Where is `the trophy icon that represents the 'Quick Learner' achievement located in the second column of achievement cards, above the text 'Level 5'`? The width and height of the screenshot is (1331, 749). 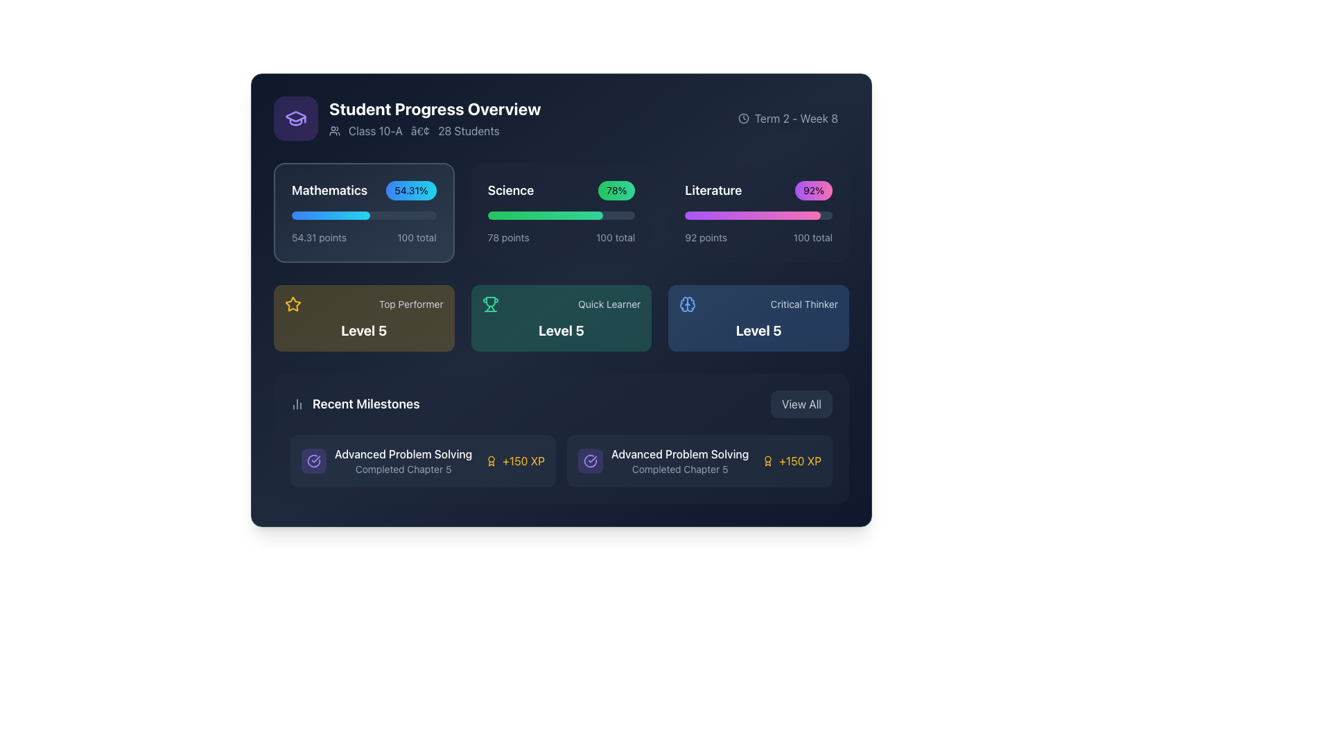
the trophy icon that represents the 'Quick Learner' achievement located in the second column of achievement cards, above the text 'Level 5' is located at coordinates (490, 304).